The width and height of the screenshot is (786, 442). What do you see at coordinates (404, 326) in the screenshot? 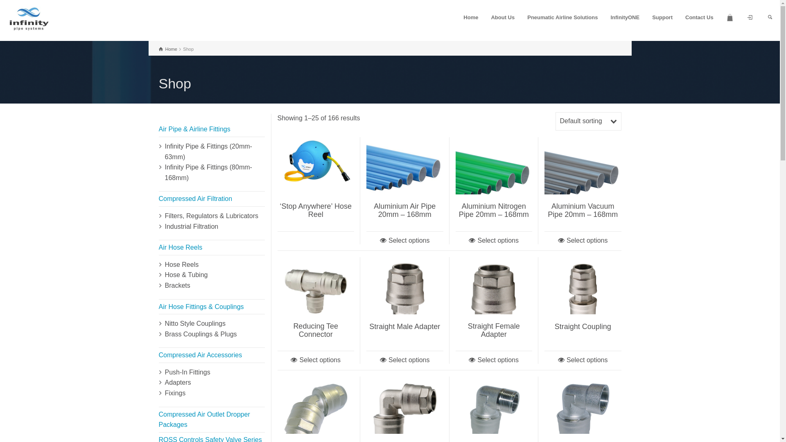
I see `'Straight Male Adapter'` at bounding box center [404, 326].